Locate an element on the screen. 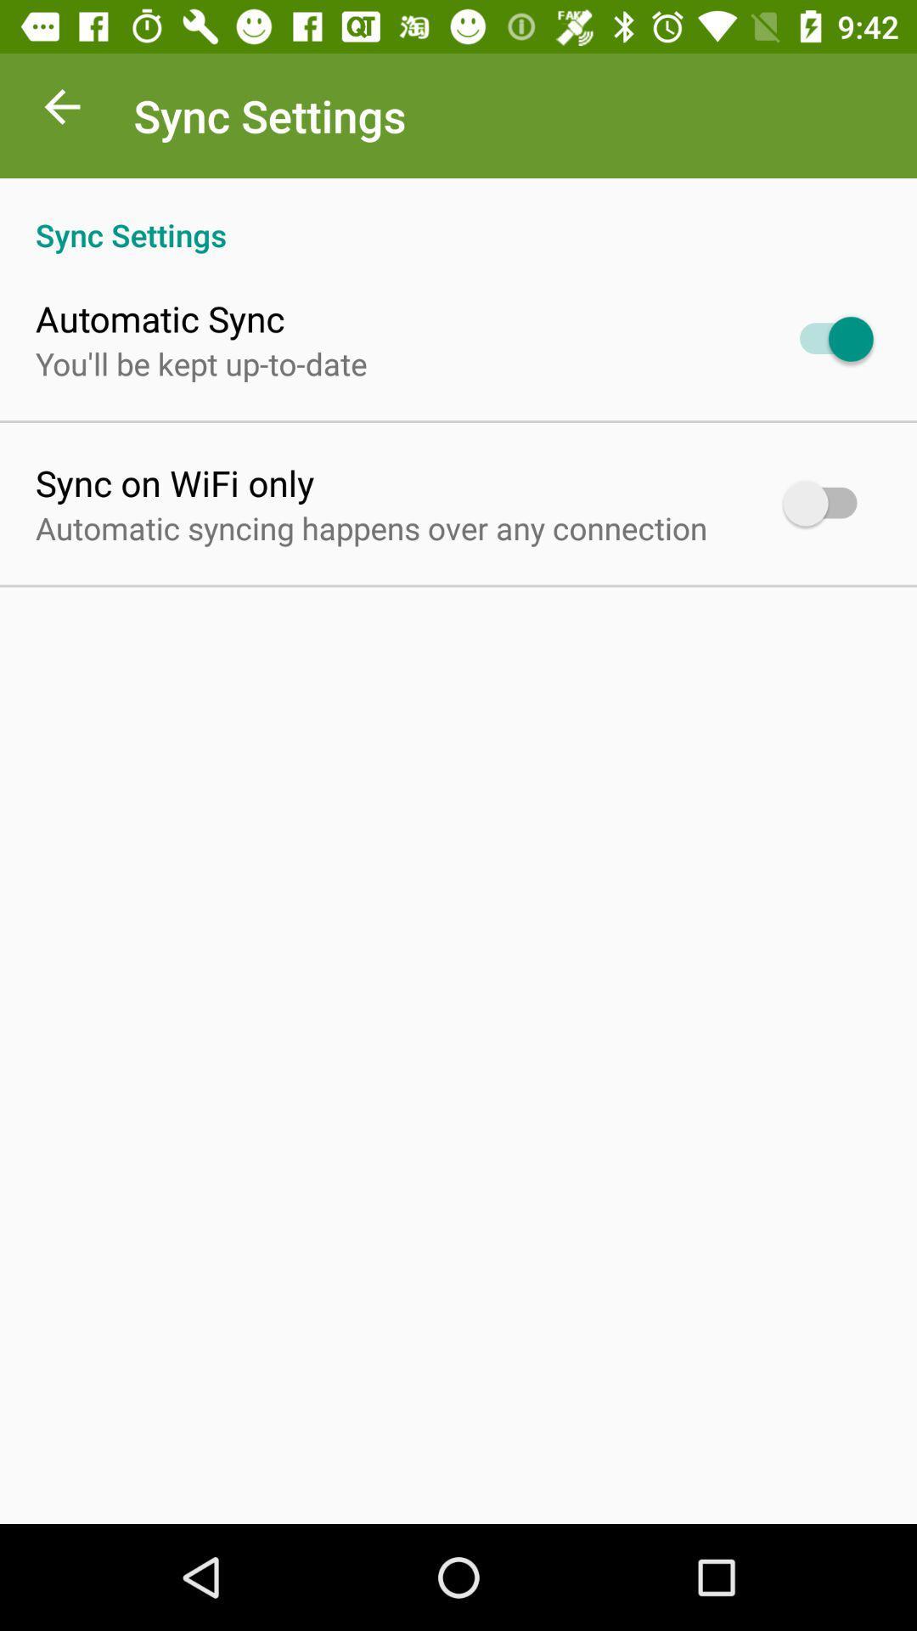 The height and width of the screenshot is (1631, 917). go back is located at coordinates (61, 110).